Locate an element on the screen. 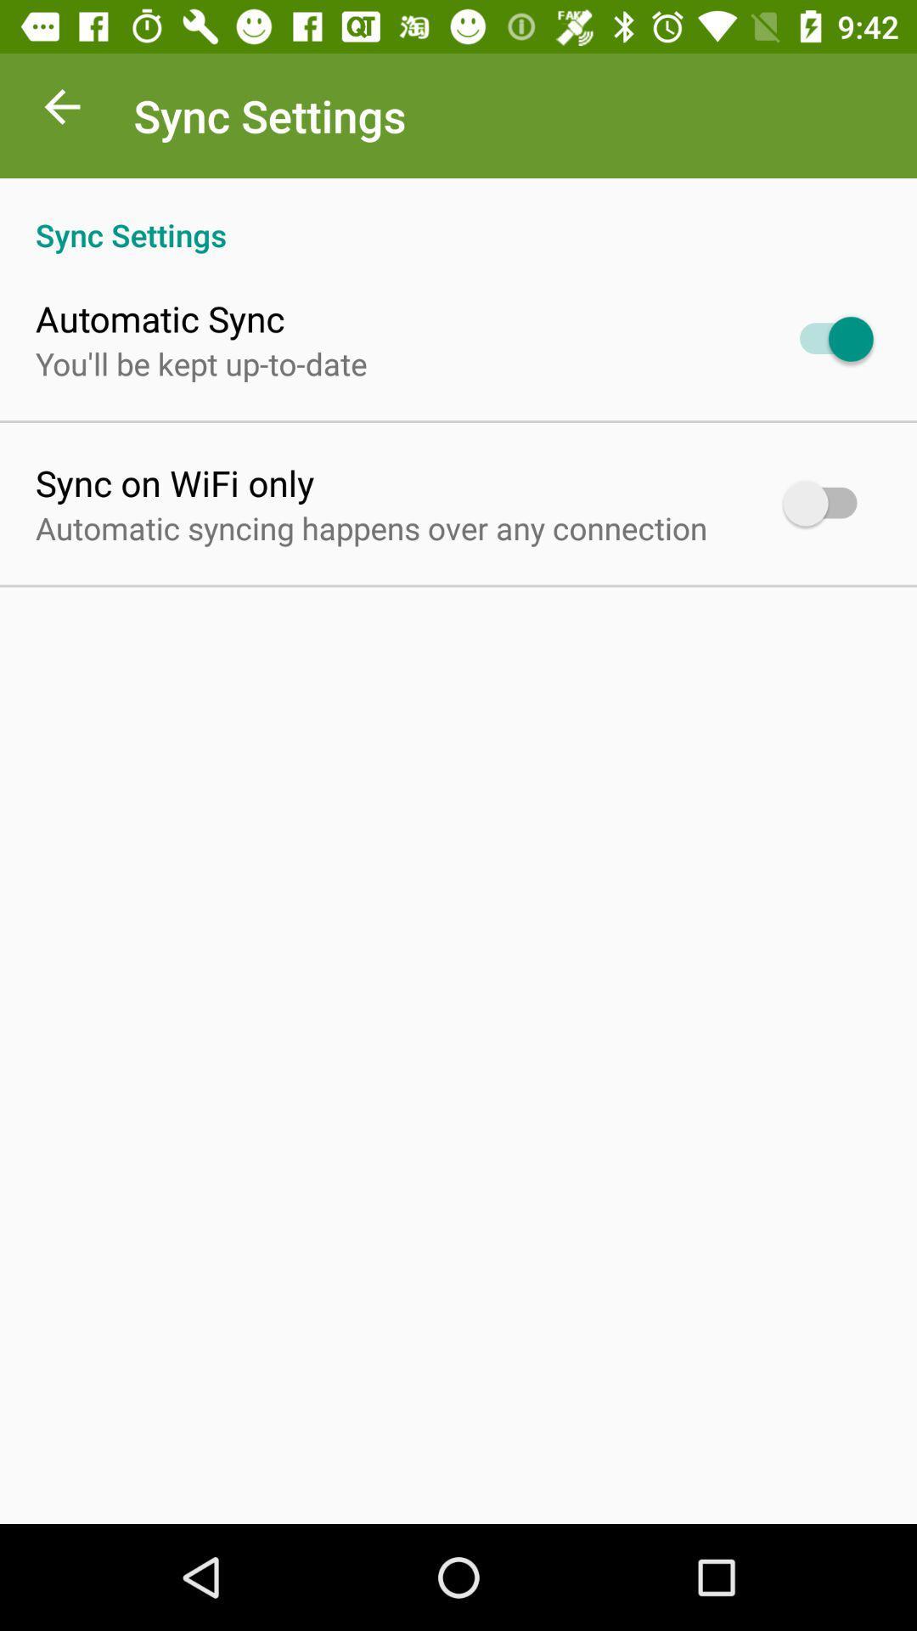 The height and width of the screenshot is (1631, 917). go back is located at coordinates (61, 110).